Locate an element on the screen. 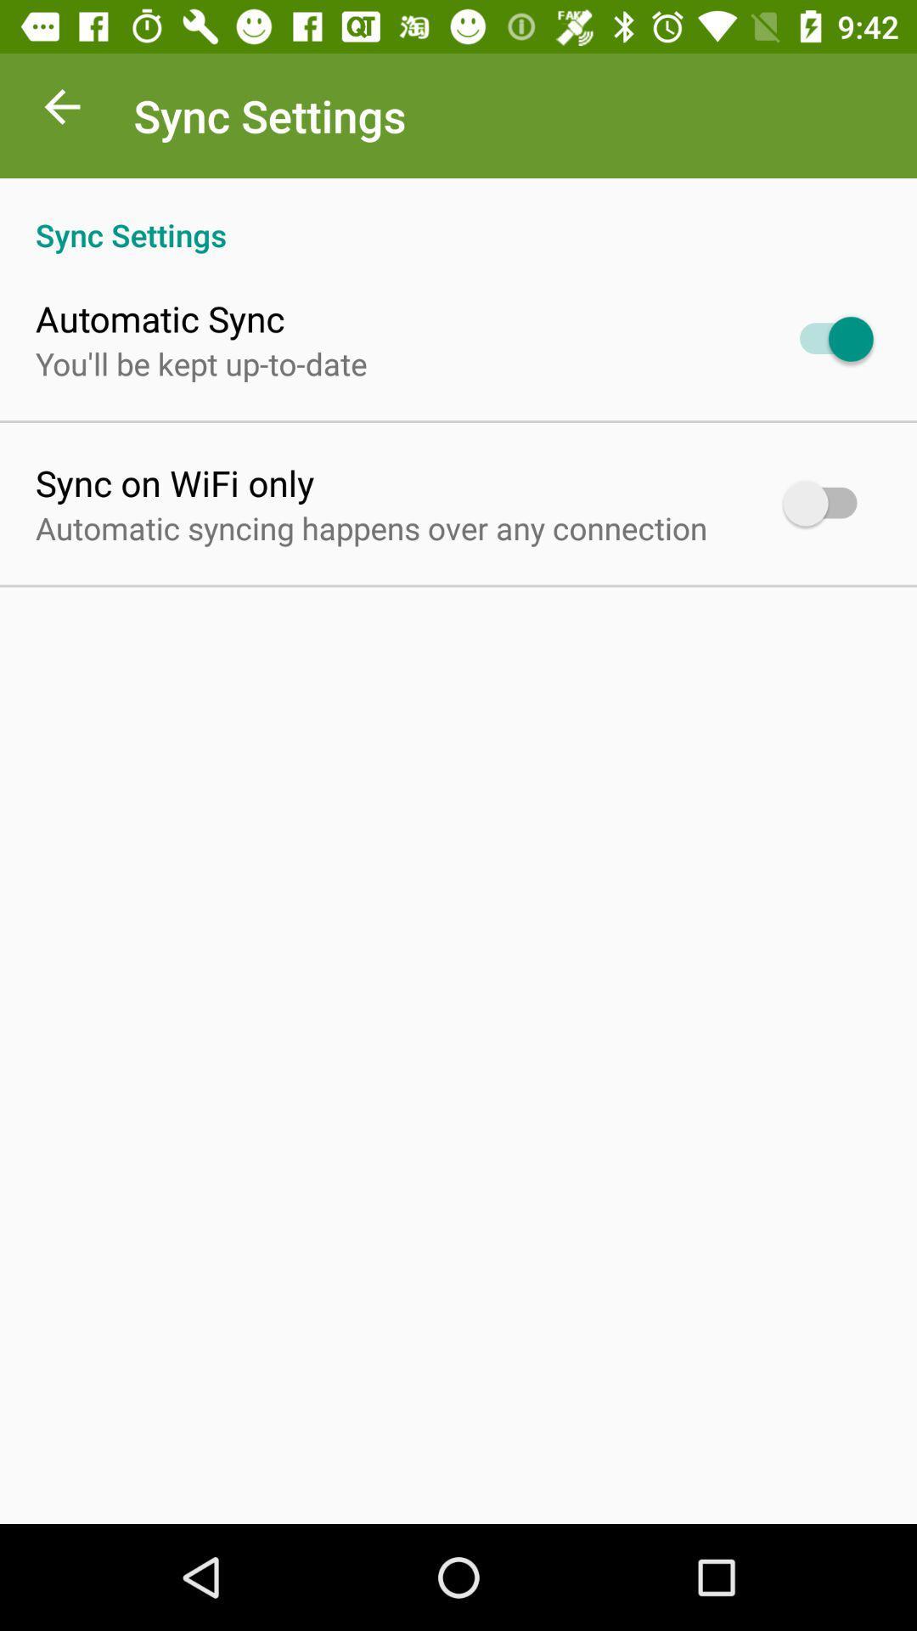 The height and width of the screenshot is (1631, 917). go back is located at coordinates (61, 110).